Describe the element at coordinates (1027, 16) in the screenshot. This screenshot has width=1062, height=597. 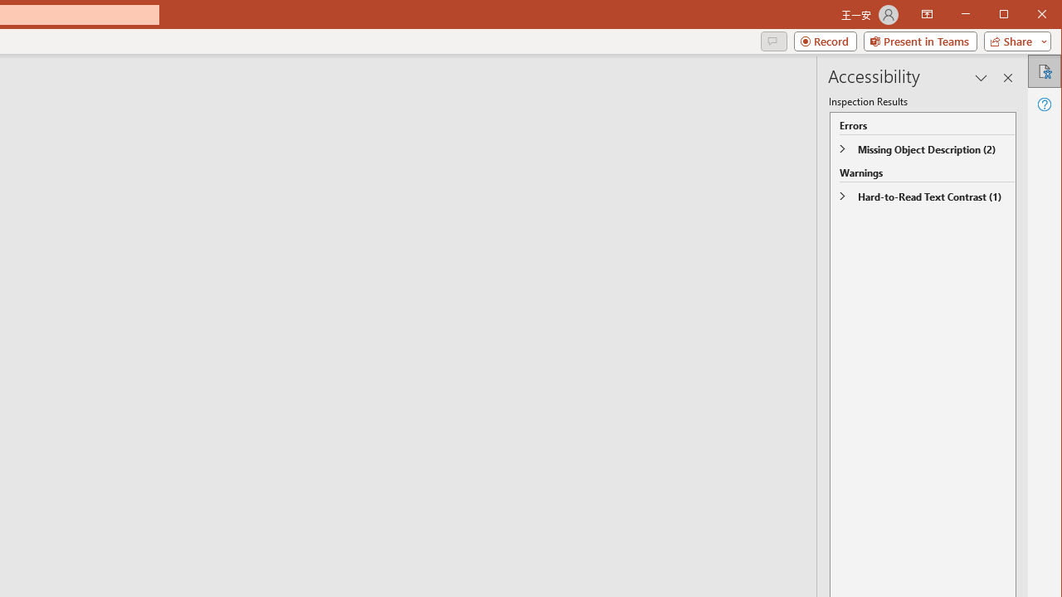
I see `'Maximize'` at that location.